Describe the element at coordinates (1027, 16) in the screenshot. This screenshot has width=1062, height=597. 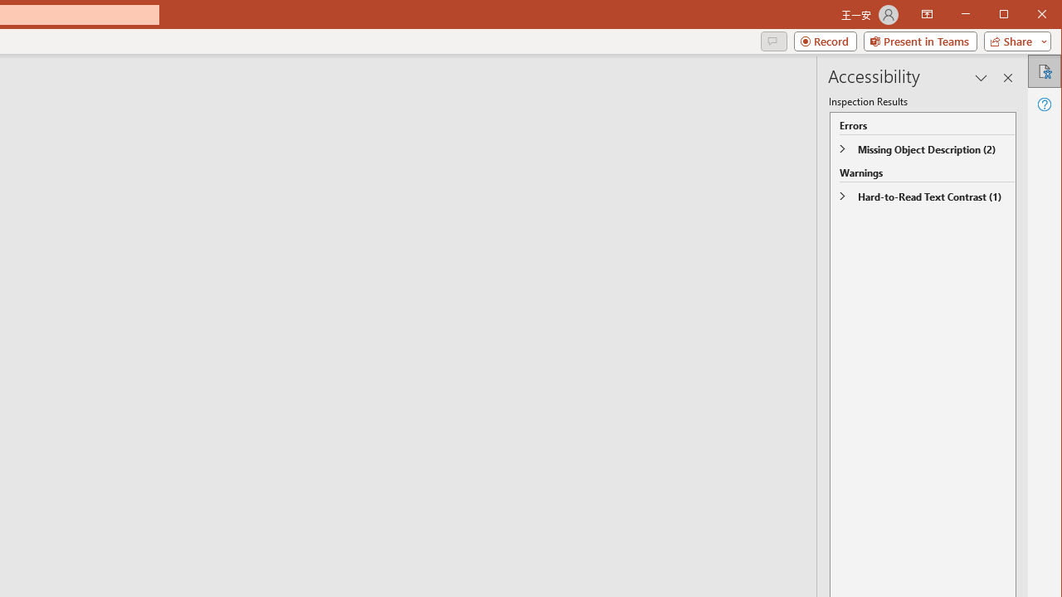
I see `'Maximize'` at that location.